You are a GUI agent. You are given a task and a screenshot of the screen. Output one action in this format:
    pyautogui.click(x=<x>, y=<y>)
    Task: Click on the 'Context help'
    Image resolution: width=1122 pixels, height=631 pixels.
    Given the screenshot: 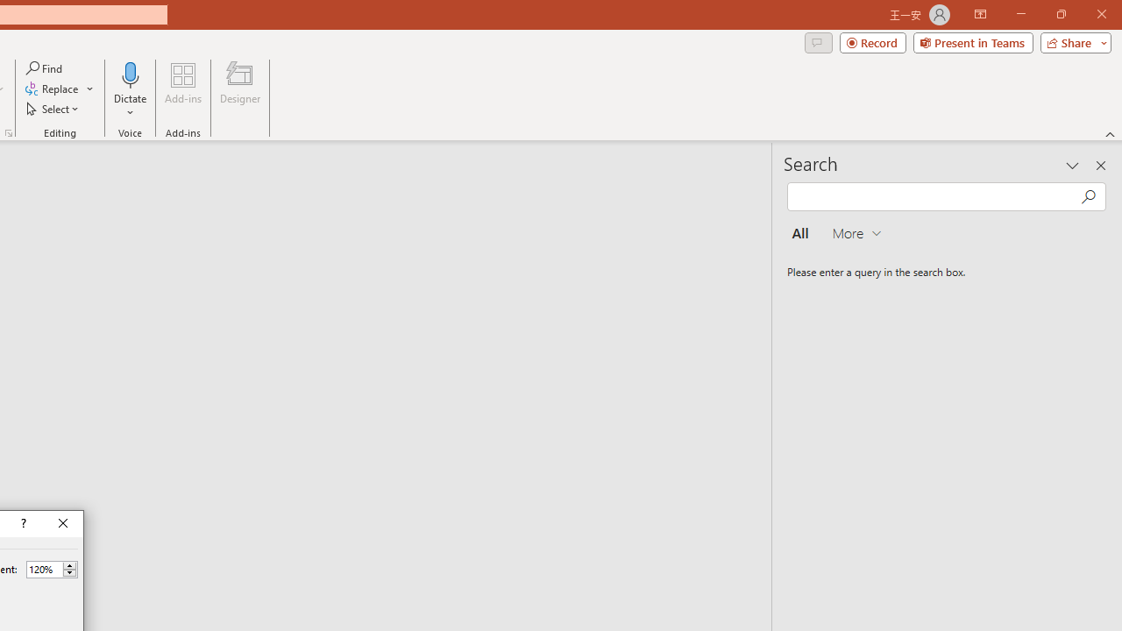 What is the action you would take?
    pyautogui.click(x=22, y=522)
    